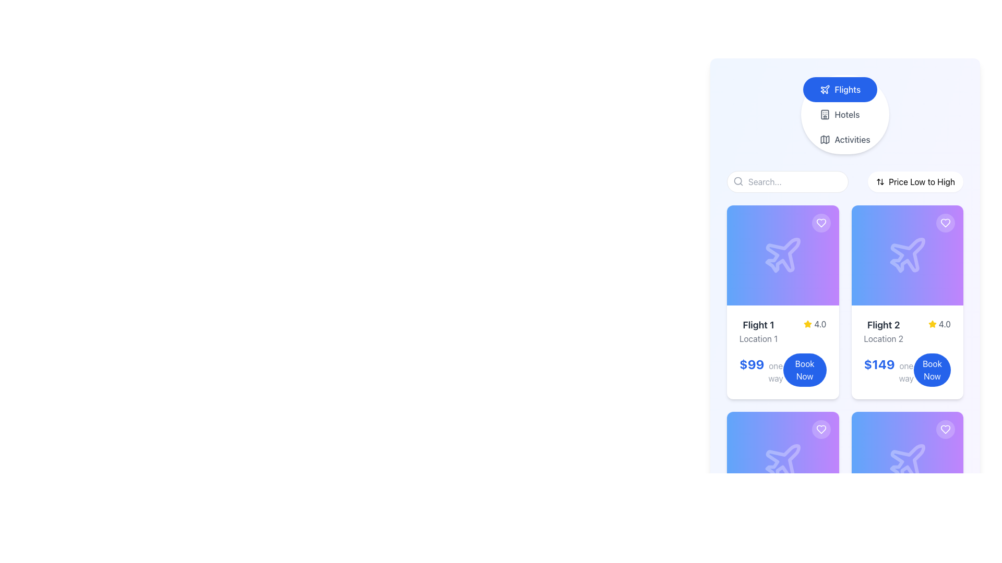 The width and height of the screenshot is (1002, 563). I want to click on the arrow icon next to the 'Price Low to High' text, so click(879, 181).